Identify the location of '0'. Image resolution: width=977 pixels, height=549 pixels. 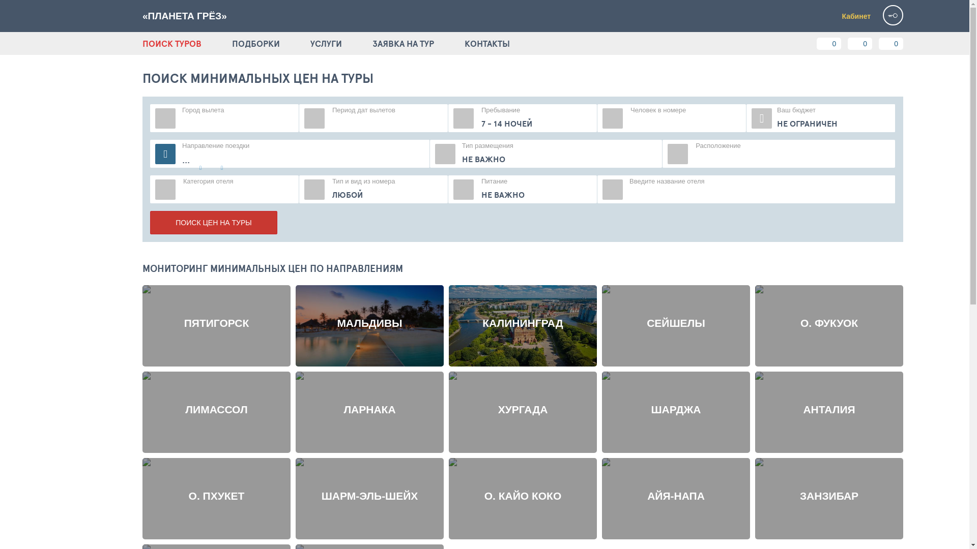
(859, 43).